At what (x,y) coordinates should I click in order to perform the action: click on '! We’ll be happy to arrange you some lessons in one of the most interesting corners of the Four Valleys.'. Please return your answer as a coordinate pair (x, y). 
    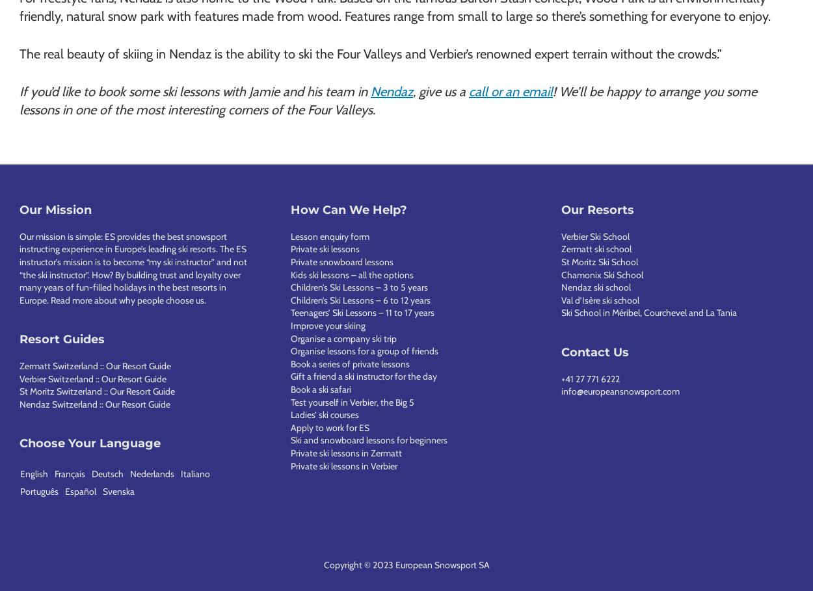
    Looking at the image, I should click on (388, 99).